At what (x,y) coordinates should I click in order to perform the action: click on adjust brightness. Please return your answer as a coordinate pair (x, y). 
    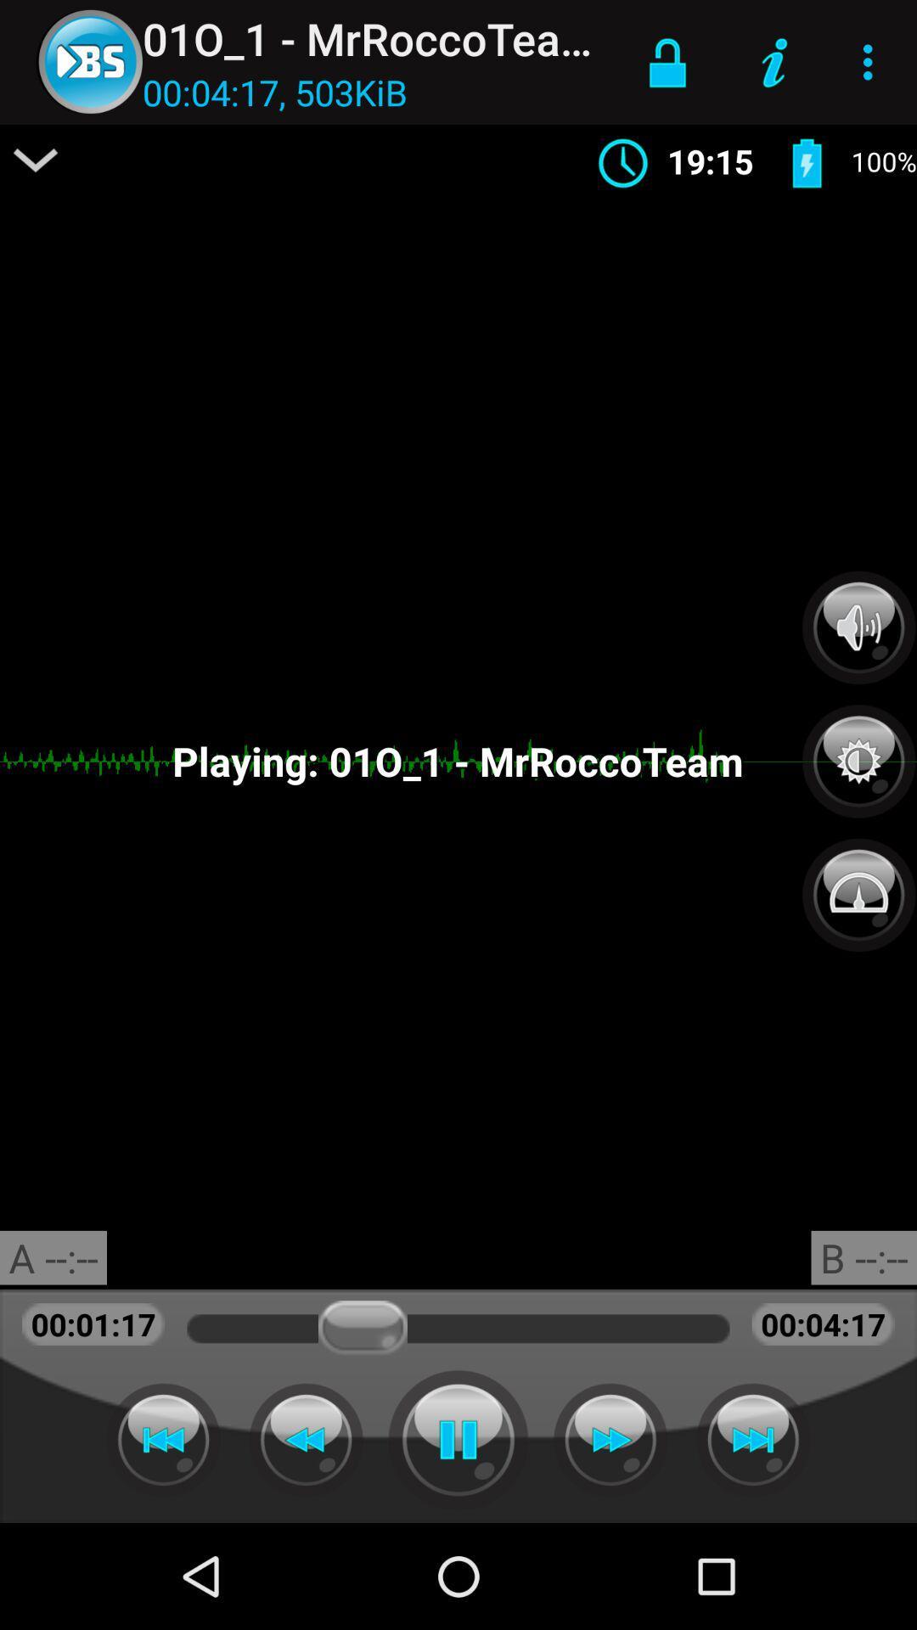
    Looking at the image, I should click on (858, 751).